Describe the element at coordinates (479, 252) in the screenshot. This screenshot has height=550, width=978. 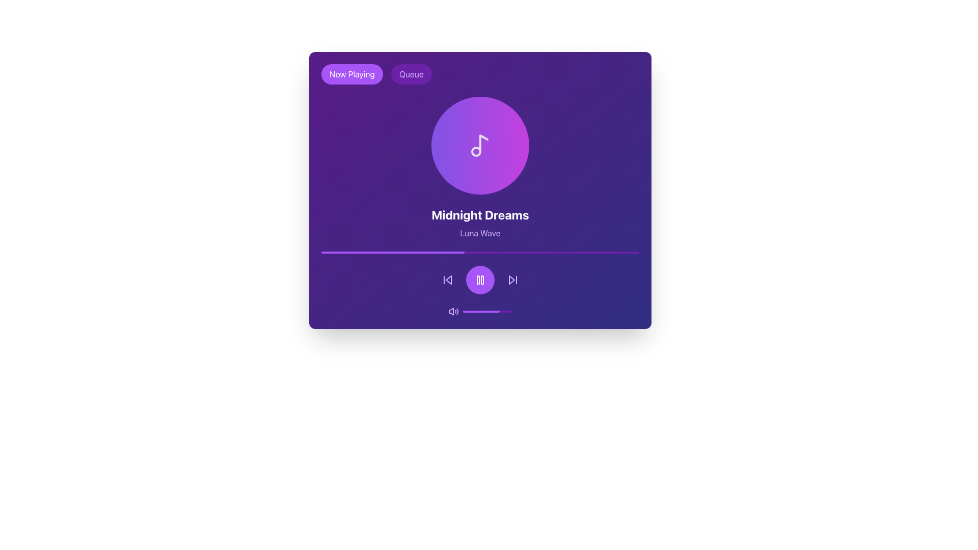
I see `the horizontal progress bar styled in strong purple below the text 'Luna Wave' to potentially seek if supported` at that location.